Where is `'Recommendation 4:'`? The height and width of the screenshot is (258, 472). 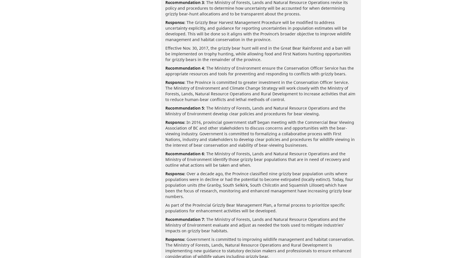
'Recommendation 4:' is located at coordinates (185, 67).